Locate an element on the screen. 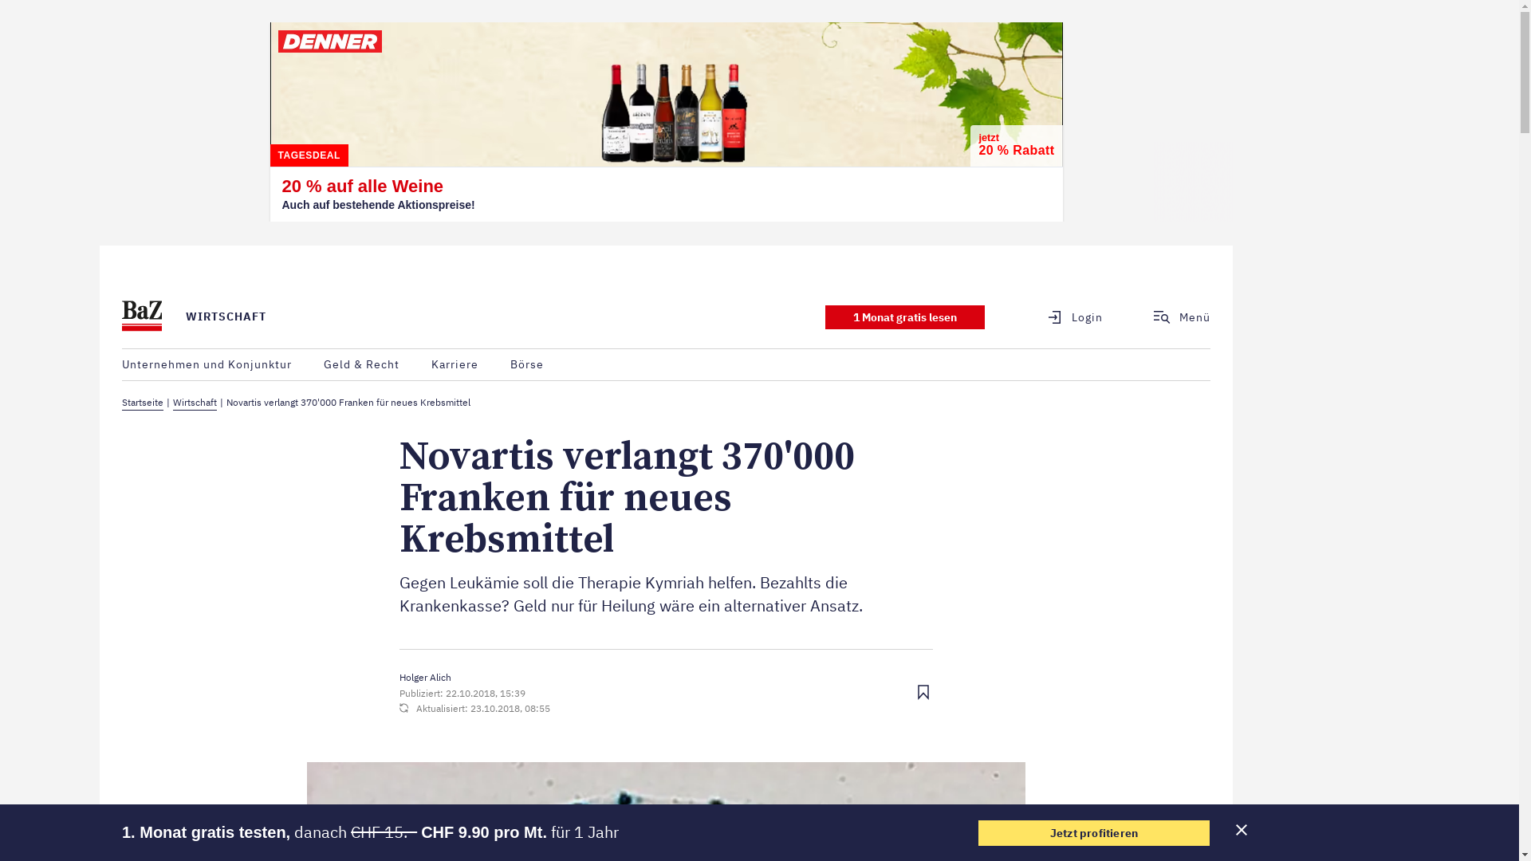 This screenshot has height=861, width=1531. 'Login' is located at coordinates (1065, 316).